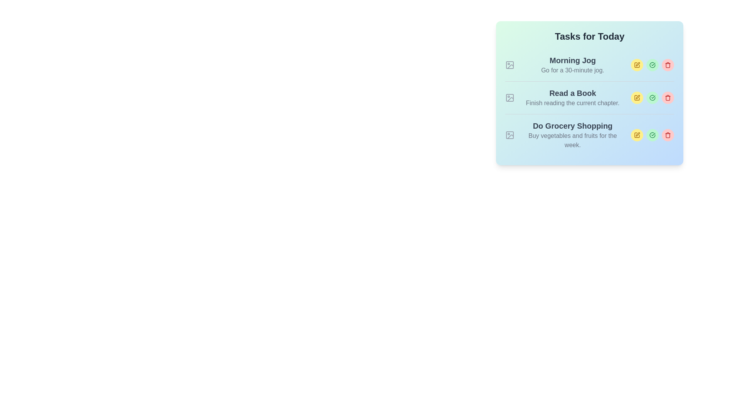 The width and height of the screenshot is (740, 416). I want to click on the leftmost Edit Button icon located in the task management interface for the task 'Do Grocery Shopping' to initiate task editing, so click(637, 135).